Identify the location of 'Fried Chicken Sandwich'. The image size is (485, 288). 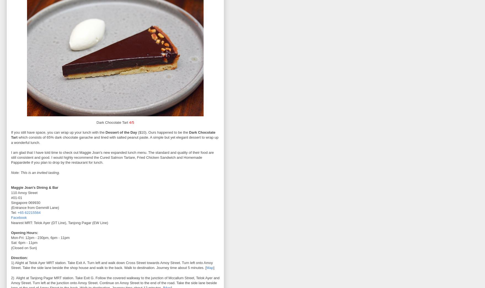
(156, 157).